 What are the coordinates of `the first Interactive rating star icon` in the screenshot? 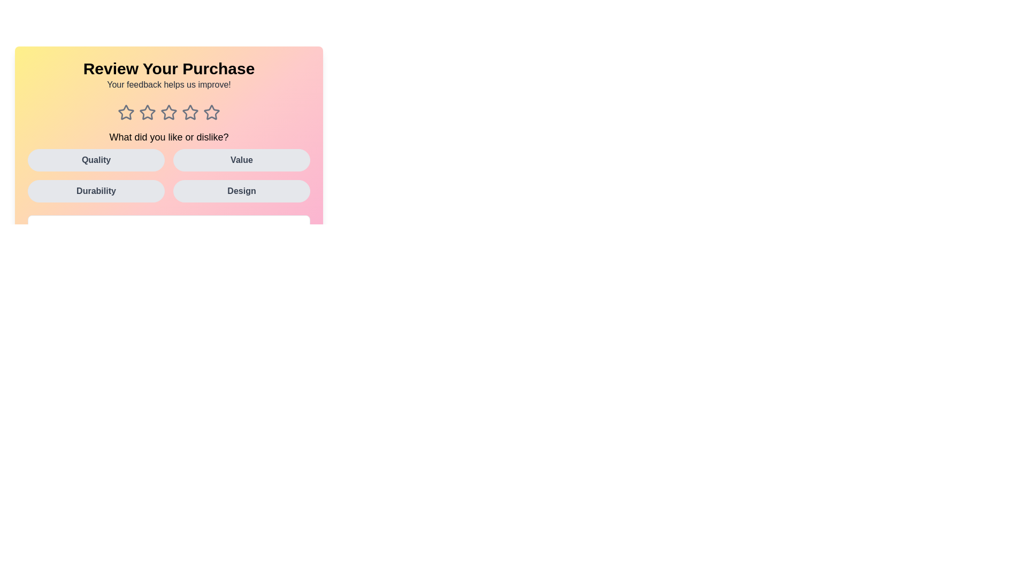 It's located at (126, 113).